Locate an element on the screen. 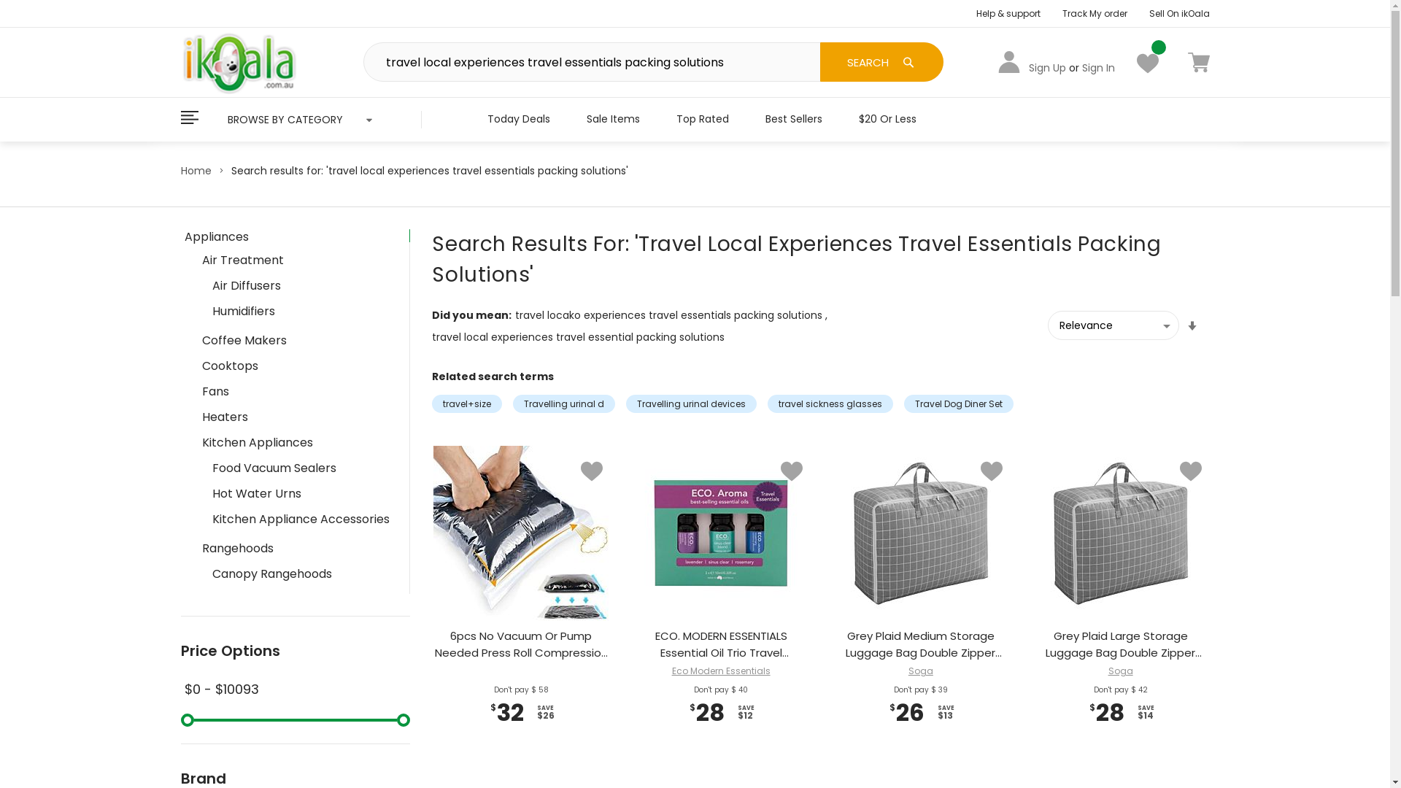 Image resolution: width=1401 pixels, height=788 pixels. 'travel+size' is located at coordinates (466, 404).